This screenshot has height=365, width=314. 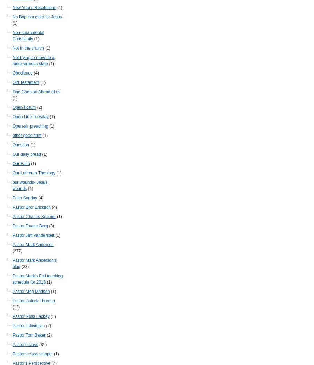 What do you see at coordinates (30, 116) in the screenshot?
I see `'Open Line Tuesday'` at bounding box center [30, 116].